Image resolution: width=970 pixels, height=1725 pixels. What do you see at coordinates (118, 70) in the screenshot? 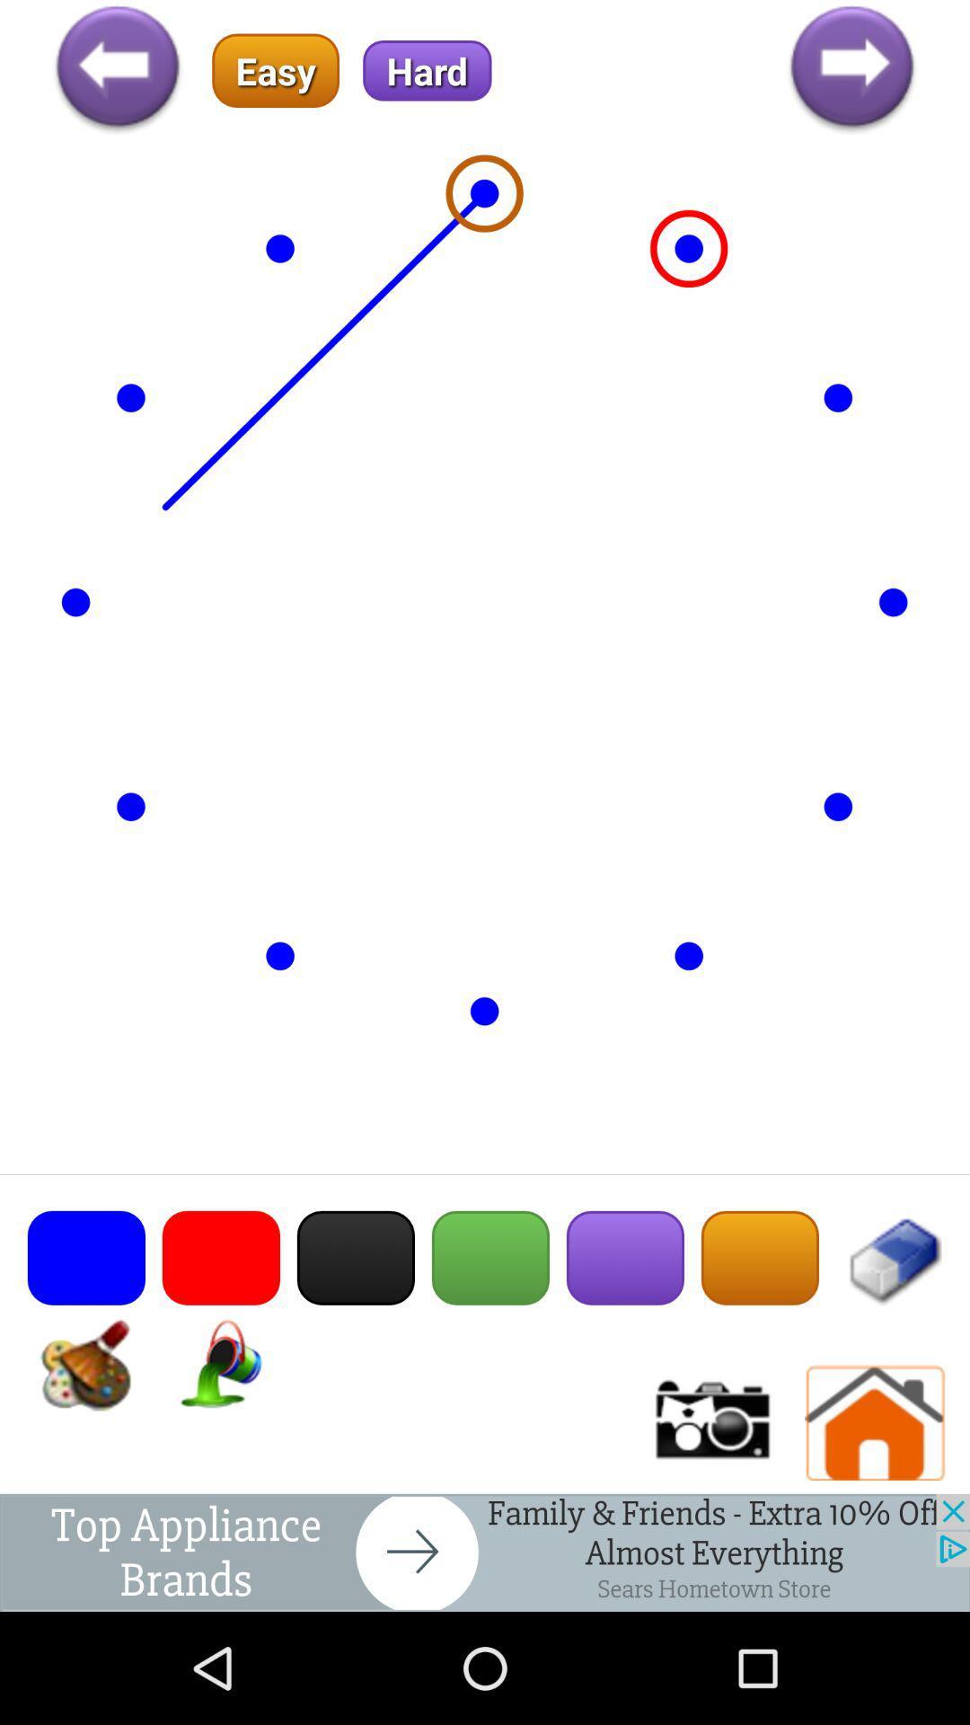
I see `back` at bounding box center [118, 70].